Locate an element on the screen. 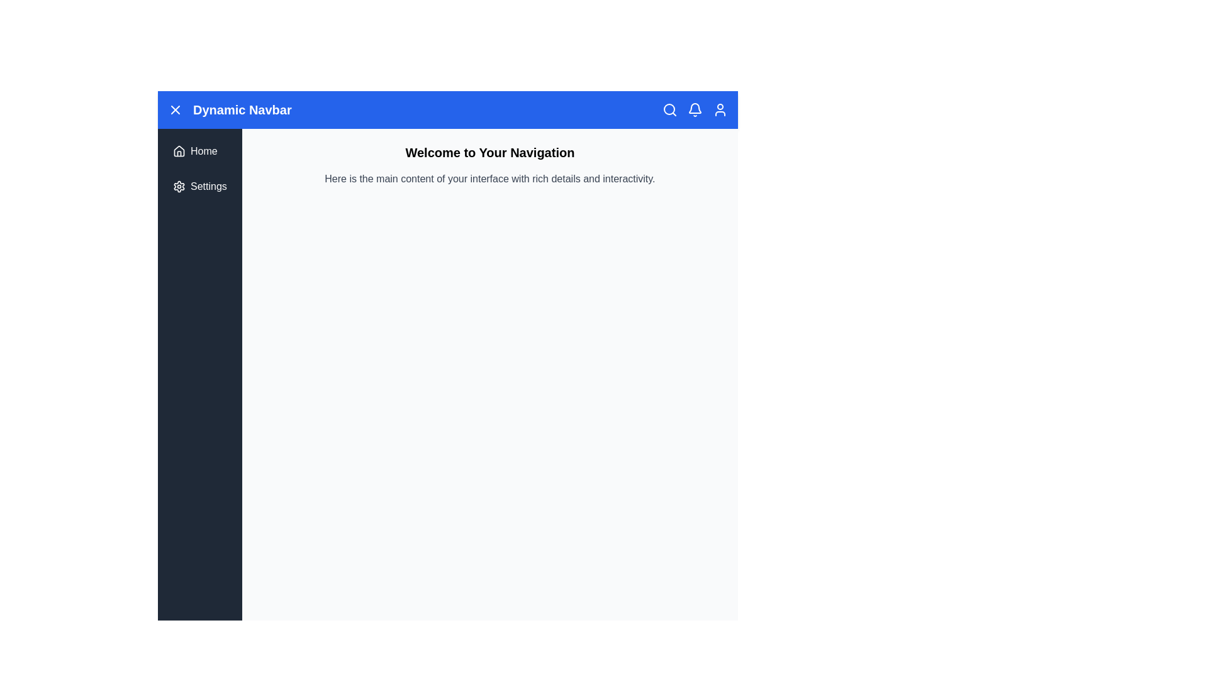  text element styled in bold, displaying 'Welcome to Your Navigation', located near the top of the light gray content area is located at coordinates (489, 152).